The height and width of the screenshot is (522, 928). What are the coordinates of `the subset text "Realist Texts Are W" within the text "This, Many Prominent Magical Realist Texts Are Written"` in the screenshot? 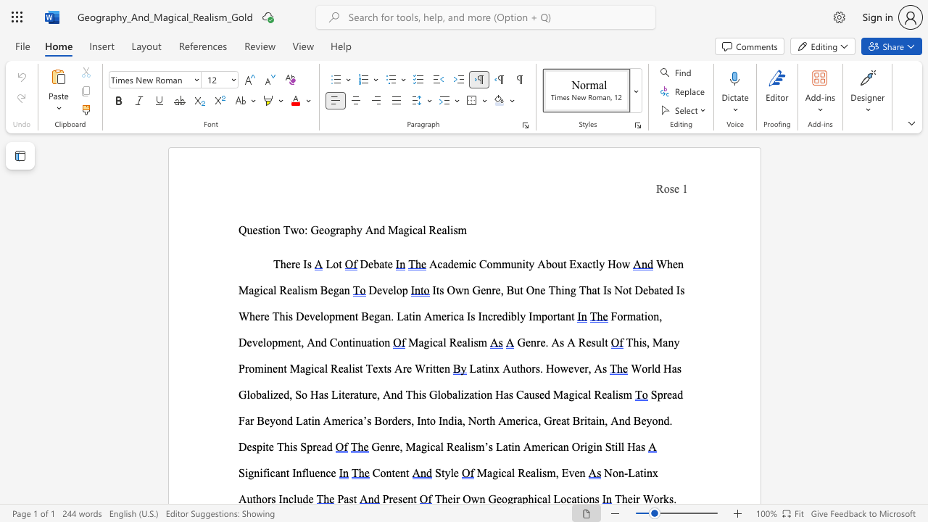 It's located at (330, 368).